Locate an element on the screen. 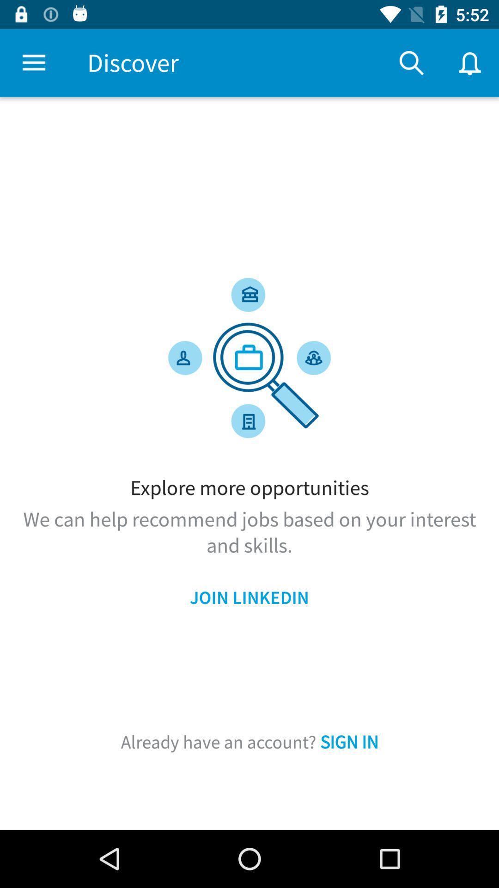  icon above explore more opportunities icon is located at coordinates (33, 62).